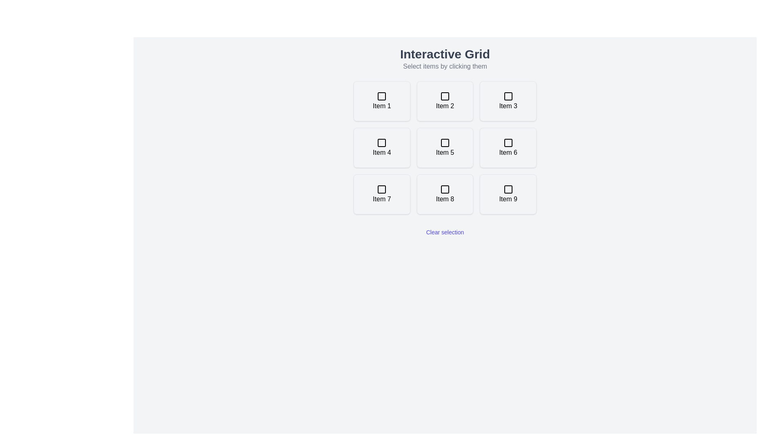 The height and width of the screenshot is (441, 784). Describe the element at coordinates (508, 148) in the screenshot. I see `the button that allows users` at that location.